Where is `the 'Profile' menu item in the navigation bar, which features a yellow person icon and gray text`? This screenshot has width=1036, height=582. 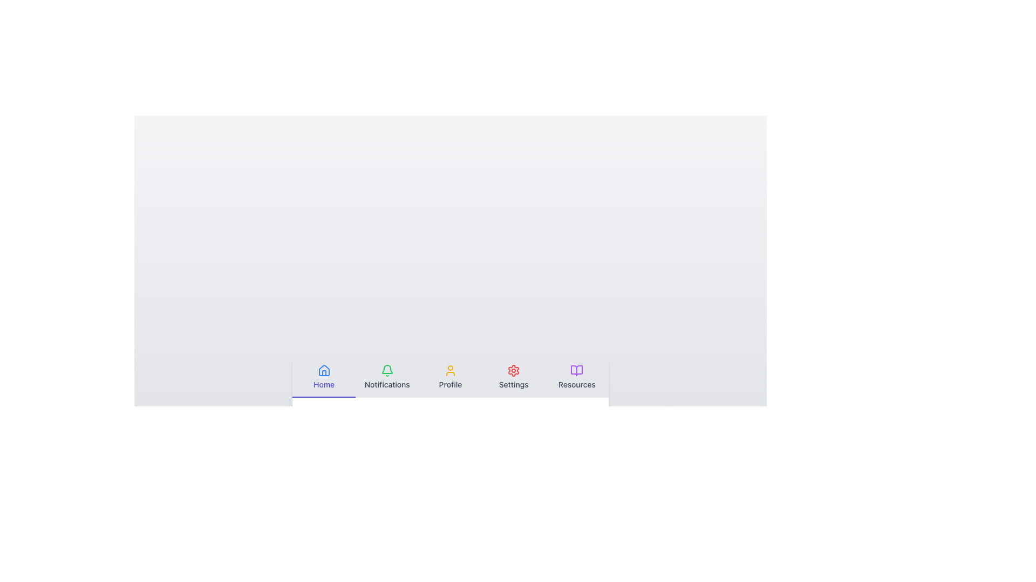
the 'Profile' menu item in the navigation bar, which features a yellow person icon and gray text is located at coordinates (451, 377).